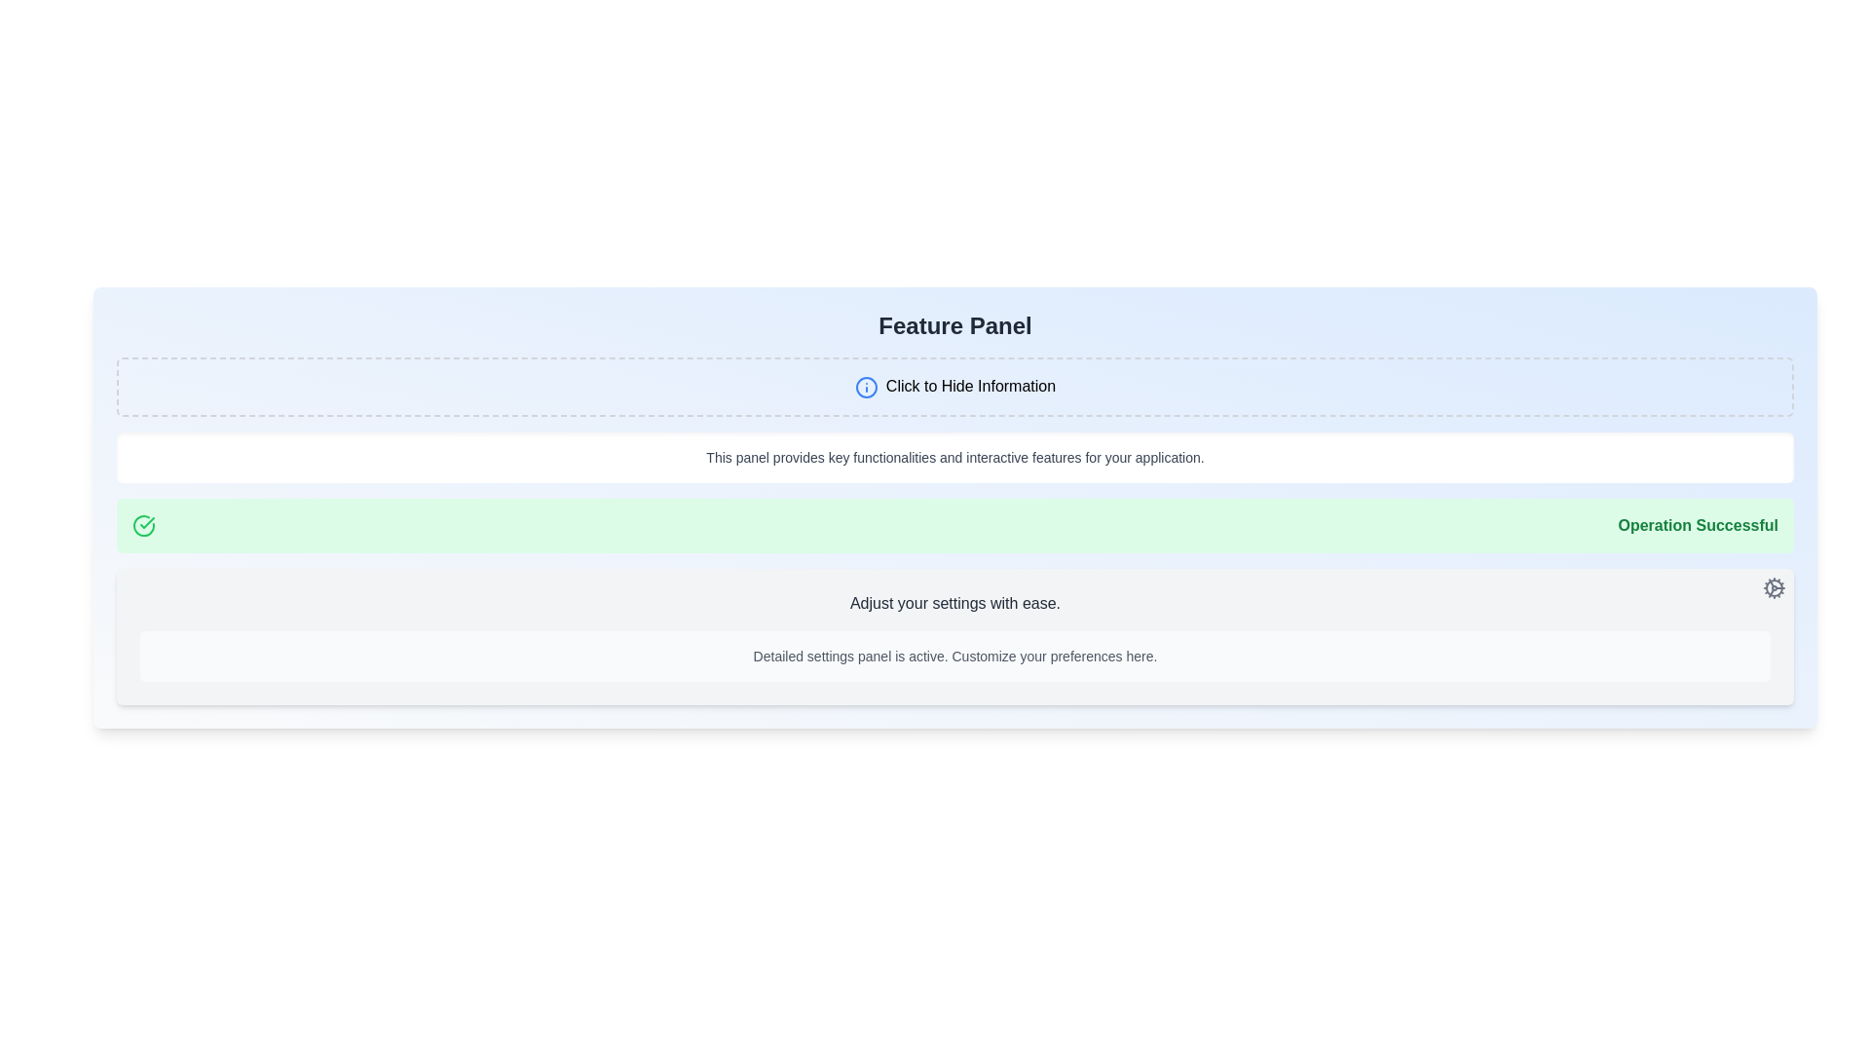 This screenshot has width=1870, height=1052. Describe the element at coordinates (954, 457) in the screenshot. I see `the informative panel with rounded corners and a white background that contains the message: 'This panel provides key functionalities and interactive features for your application.'` at that location.